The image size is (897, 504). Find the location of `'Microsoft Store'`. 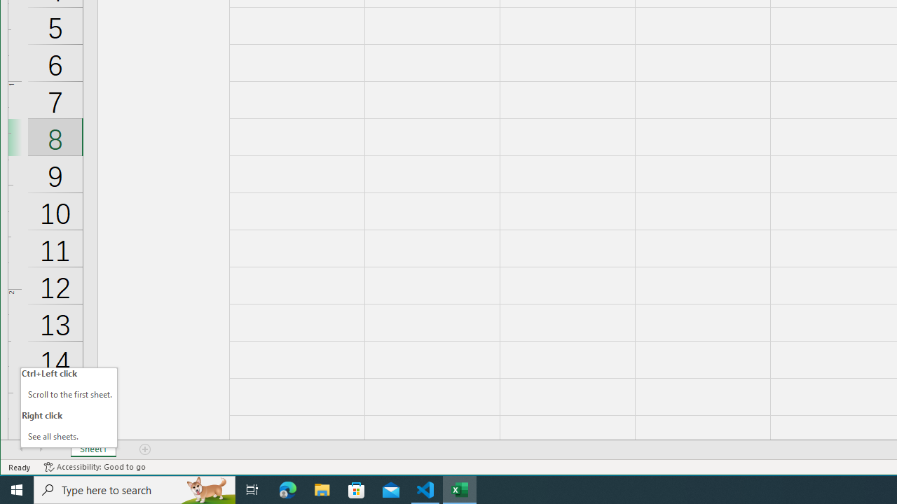

'Microsoft Store' is located at coordinates (357, 489).